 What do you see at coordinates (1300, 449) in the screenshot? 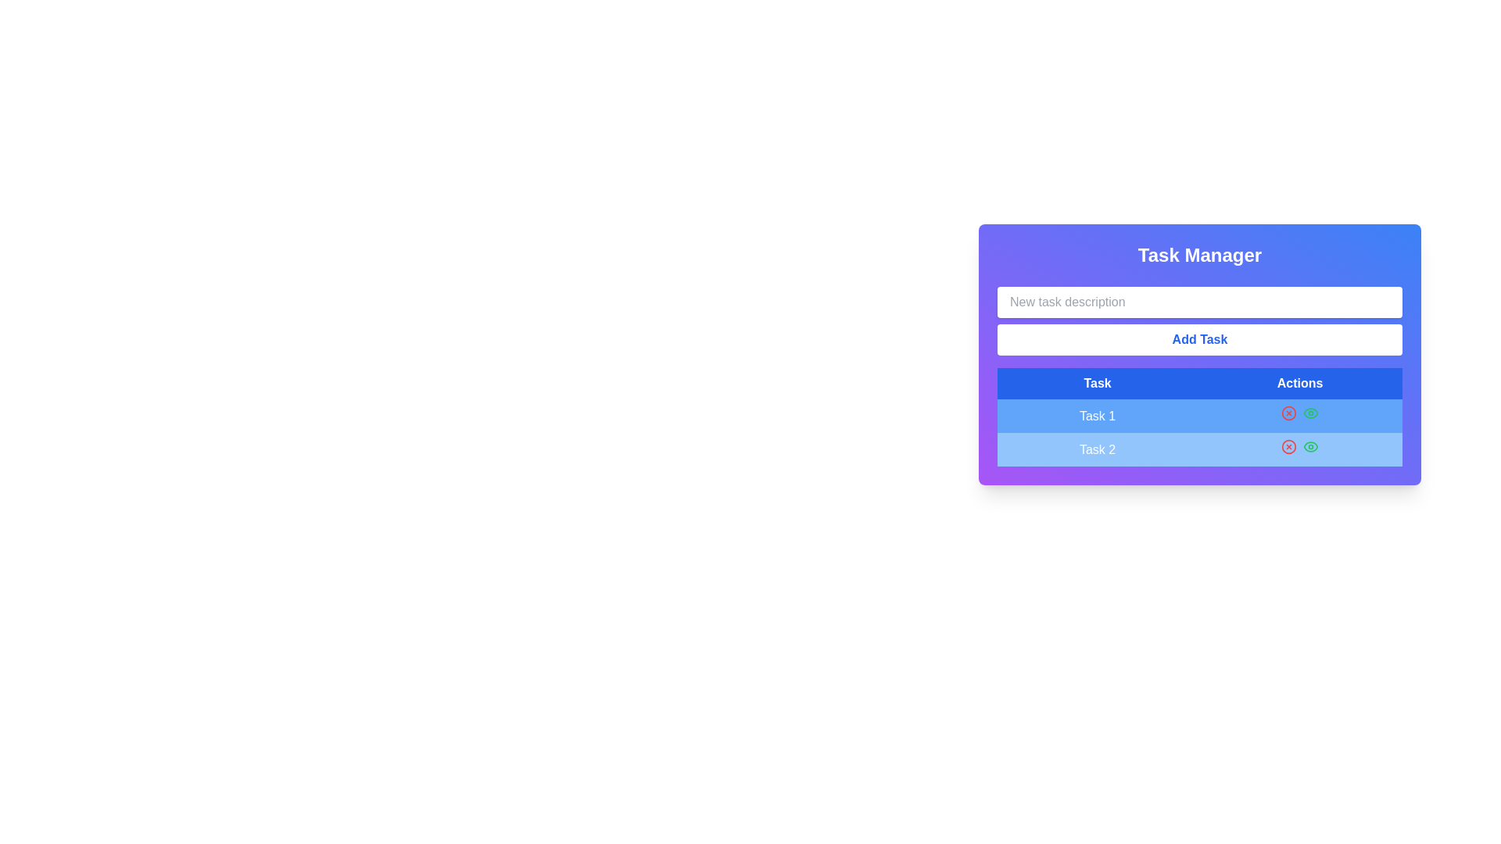
I see `the green visibility icon in the Actions column of the table` at bounding box center [1300, 449].